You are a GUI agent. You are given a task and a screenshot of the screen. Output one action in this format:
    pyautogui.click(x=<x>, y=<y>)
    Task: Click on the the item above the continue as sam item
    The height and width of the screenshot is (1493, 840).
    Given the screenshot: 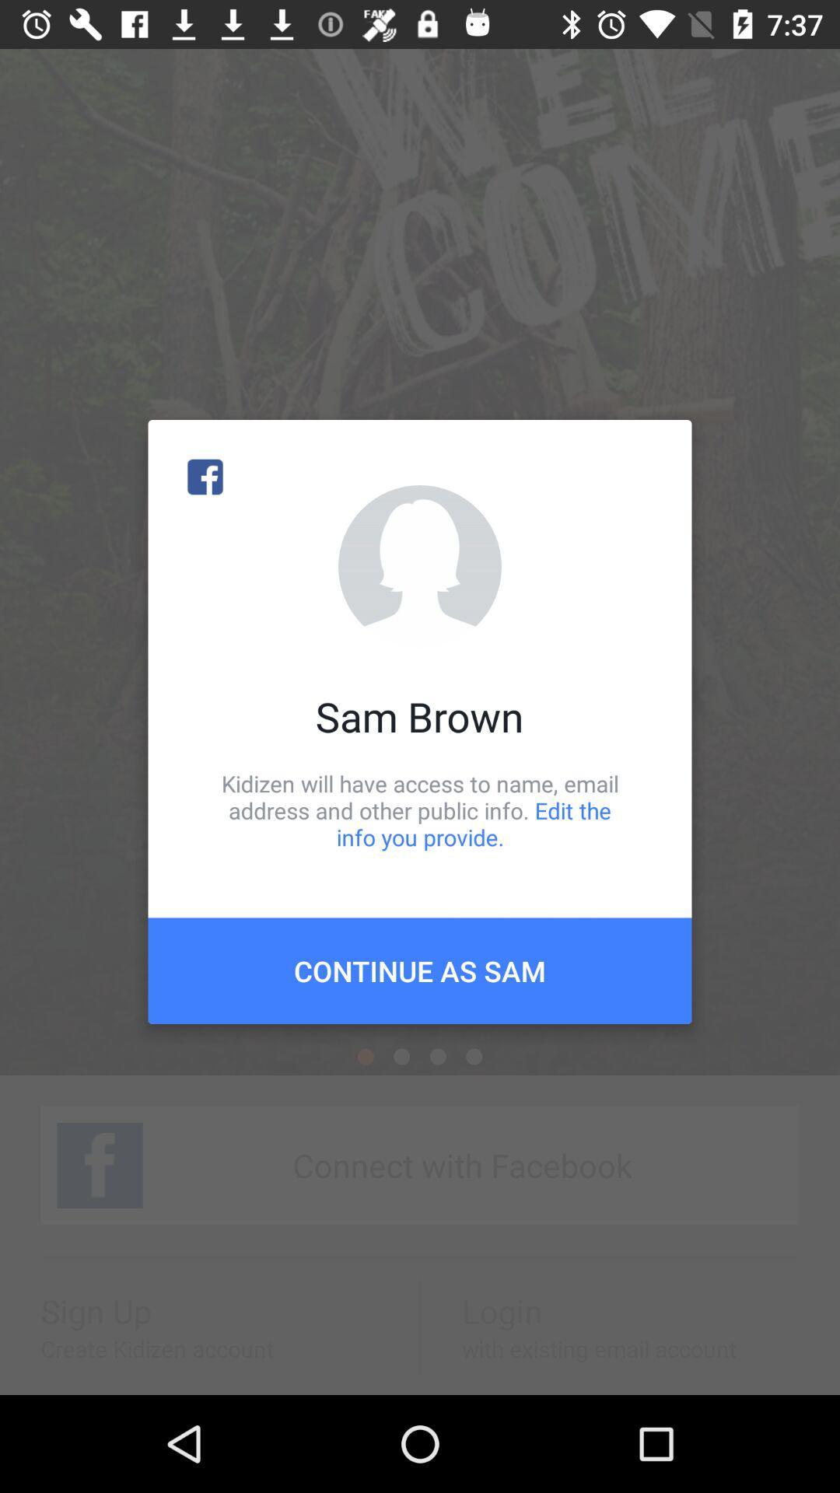 What is the action you would take?
    pyautogui.click(x=420, y=809)
    